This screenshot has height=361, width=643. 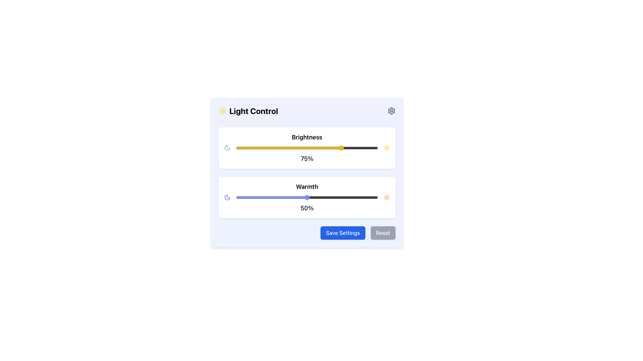 I want to click on brightness, so click(x=352, y=148).